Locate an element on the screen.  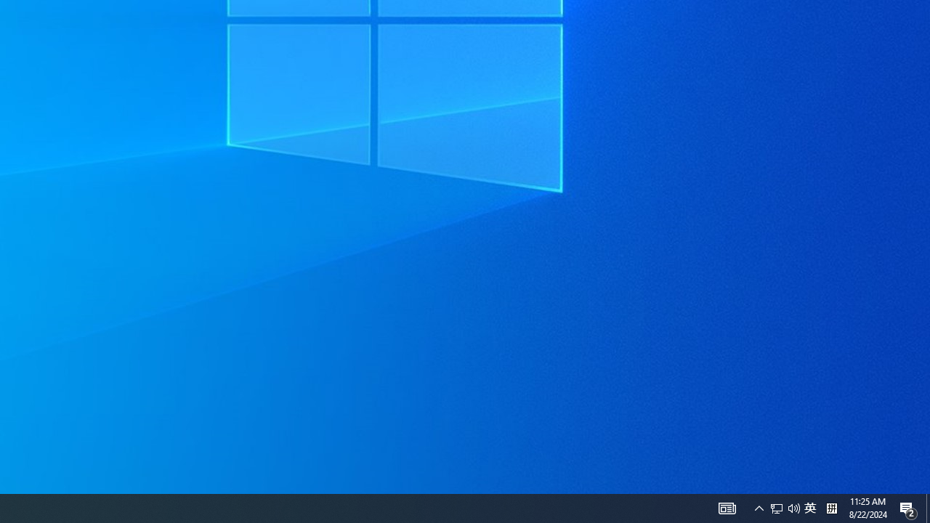
'User Promoted Notification Area' is located at coordinates (759, 507).